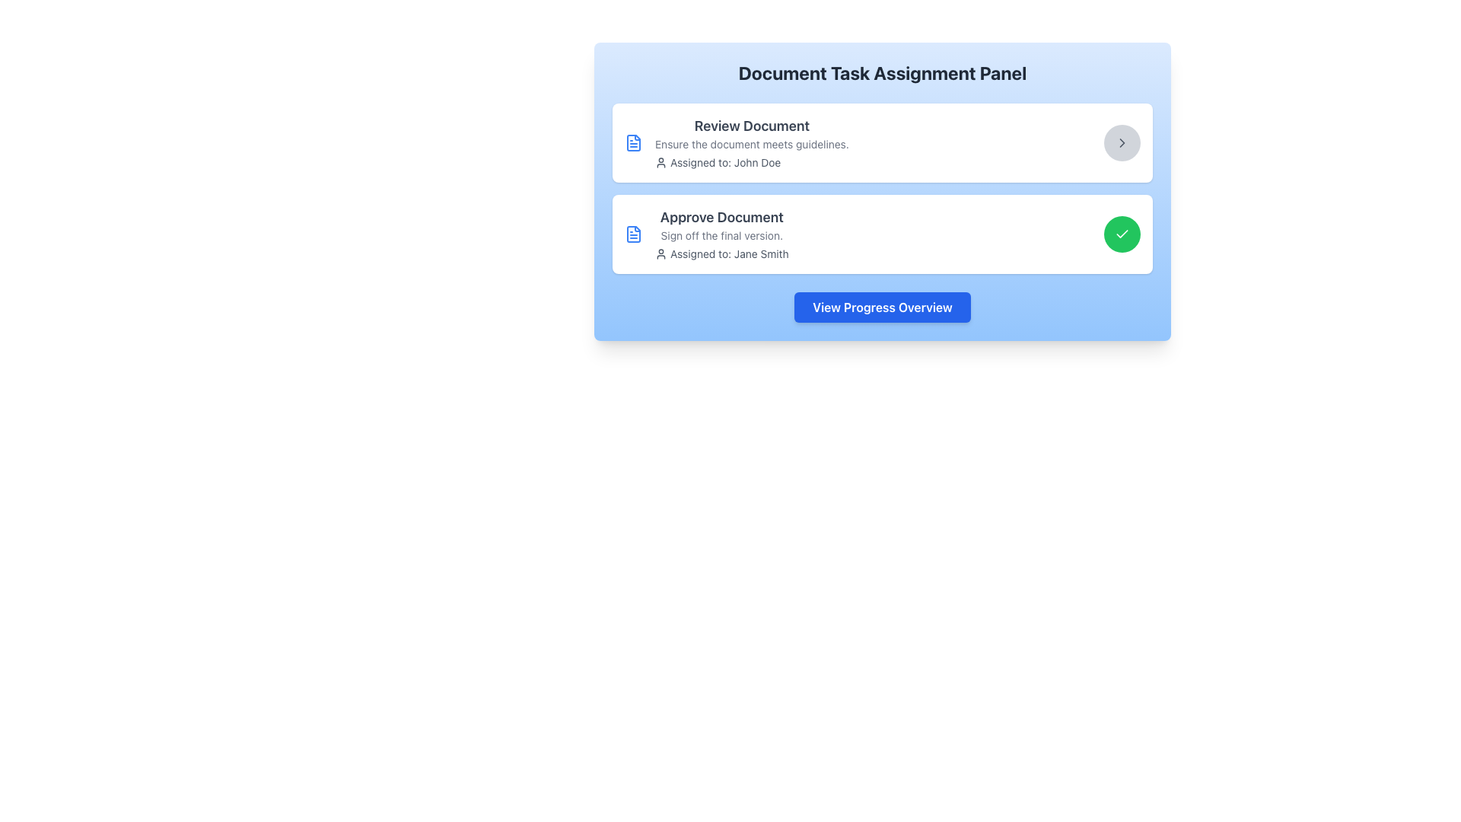  I want to click on static text located in the first task card under the heading 'Review Document' and above 'Assigned to: John Doe', so click(752, 144).